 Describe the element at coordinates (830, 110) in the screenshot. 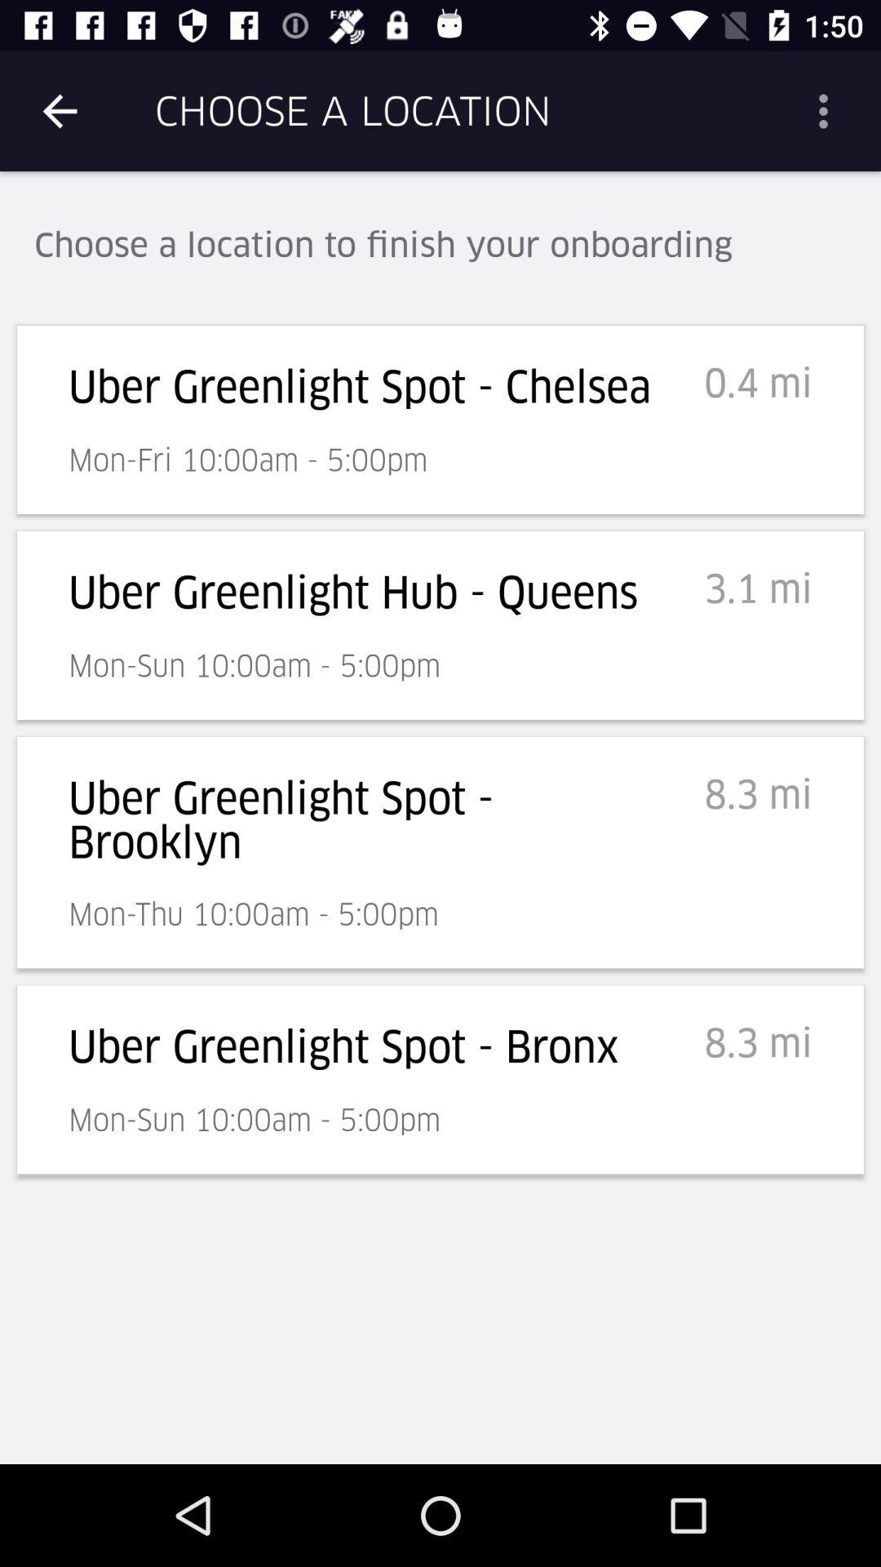

I see `the item next to the choose a location icon` at that location.